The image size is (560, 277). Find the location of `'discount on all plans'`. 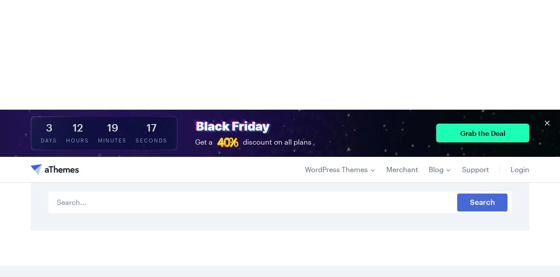

'discount on all plans' is located at coordinates (276, 31).